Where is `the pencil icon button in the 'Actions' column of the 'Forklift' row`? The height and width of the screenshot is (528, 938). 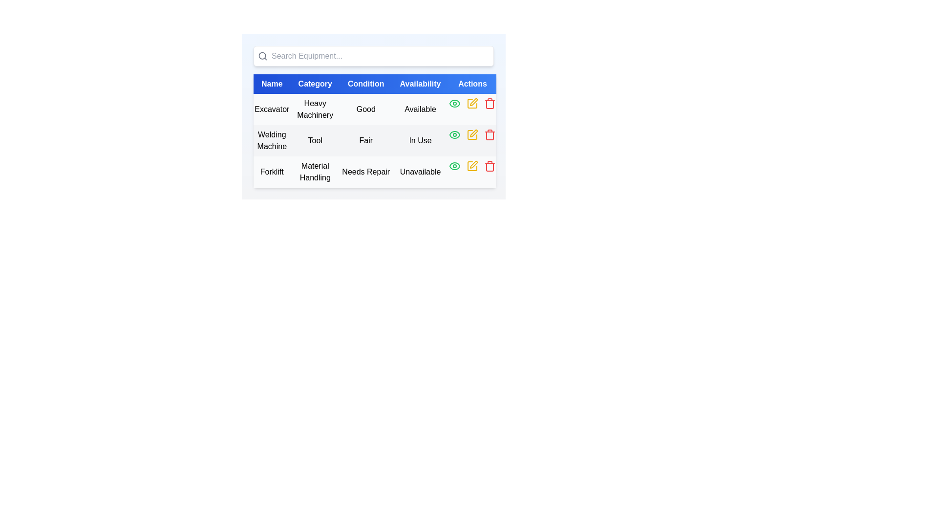 the pencil icon button in the 'Actions' column of the 'Forklift' row is located at coordinates (472, 165).